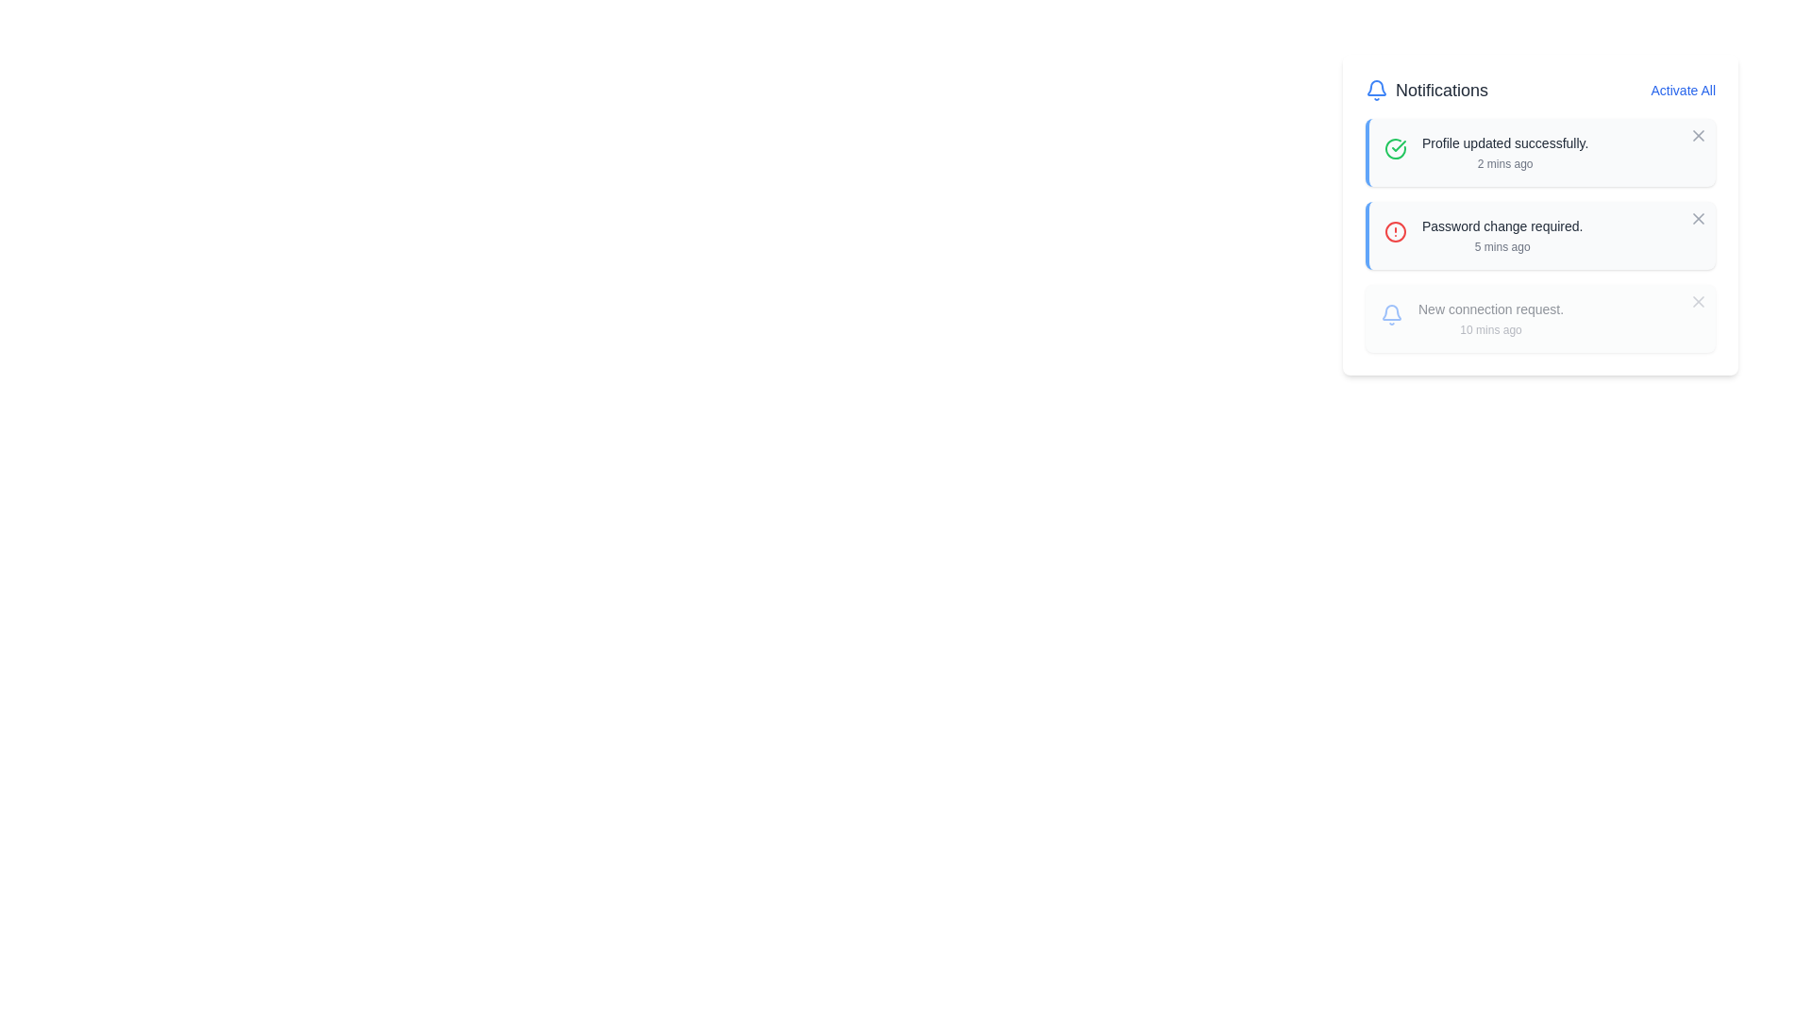 This screenshot has width=1812, height=1019. I want to click on contents of the text label displaying 'New connection request.' located in a notification card at the bottom of the notification list on the right sidebar, so click(1489, 308).